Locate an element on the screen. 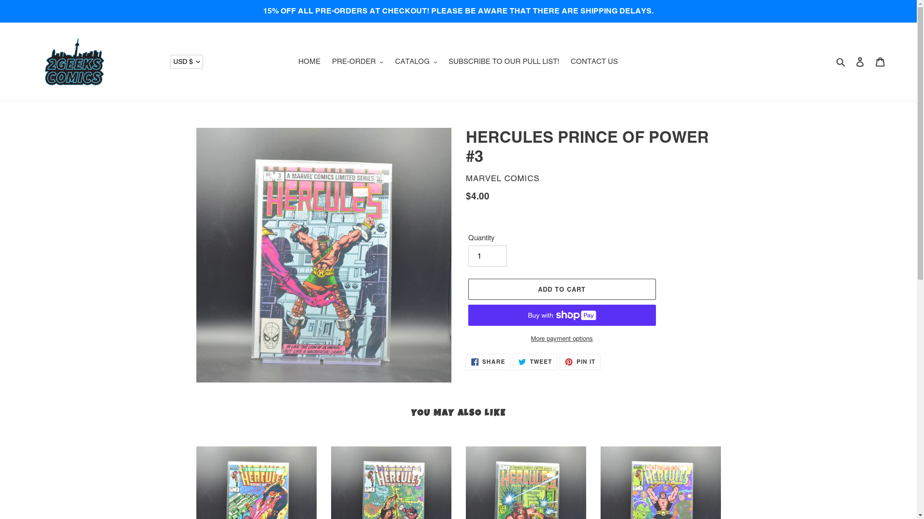  'TWEET is located at coordinates (535, 361).